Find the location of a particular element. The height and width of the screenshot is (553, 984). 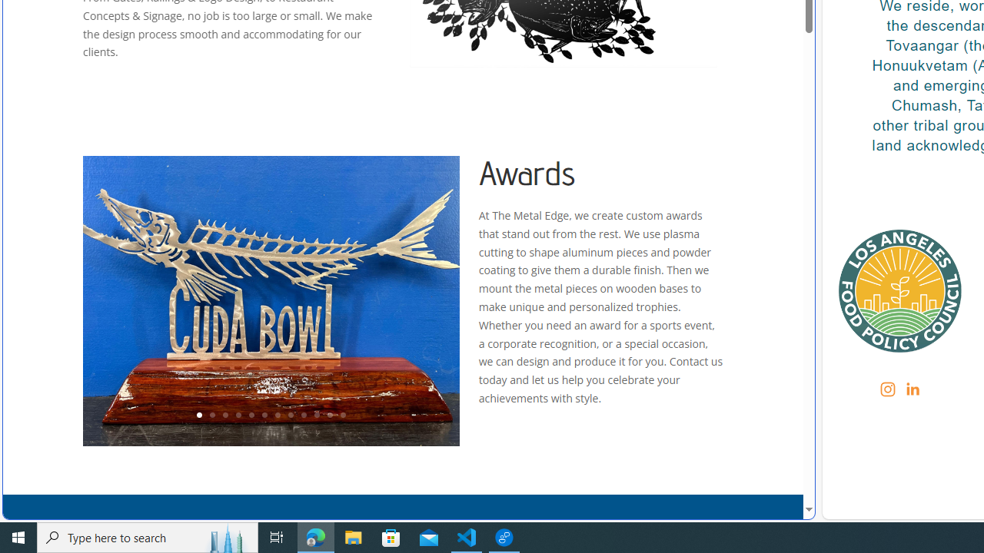

'4' is located at coordinates (237, 416).